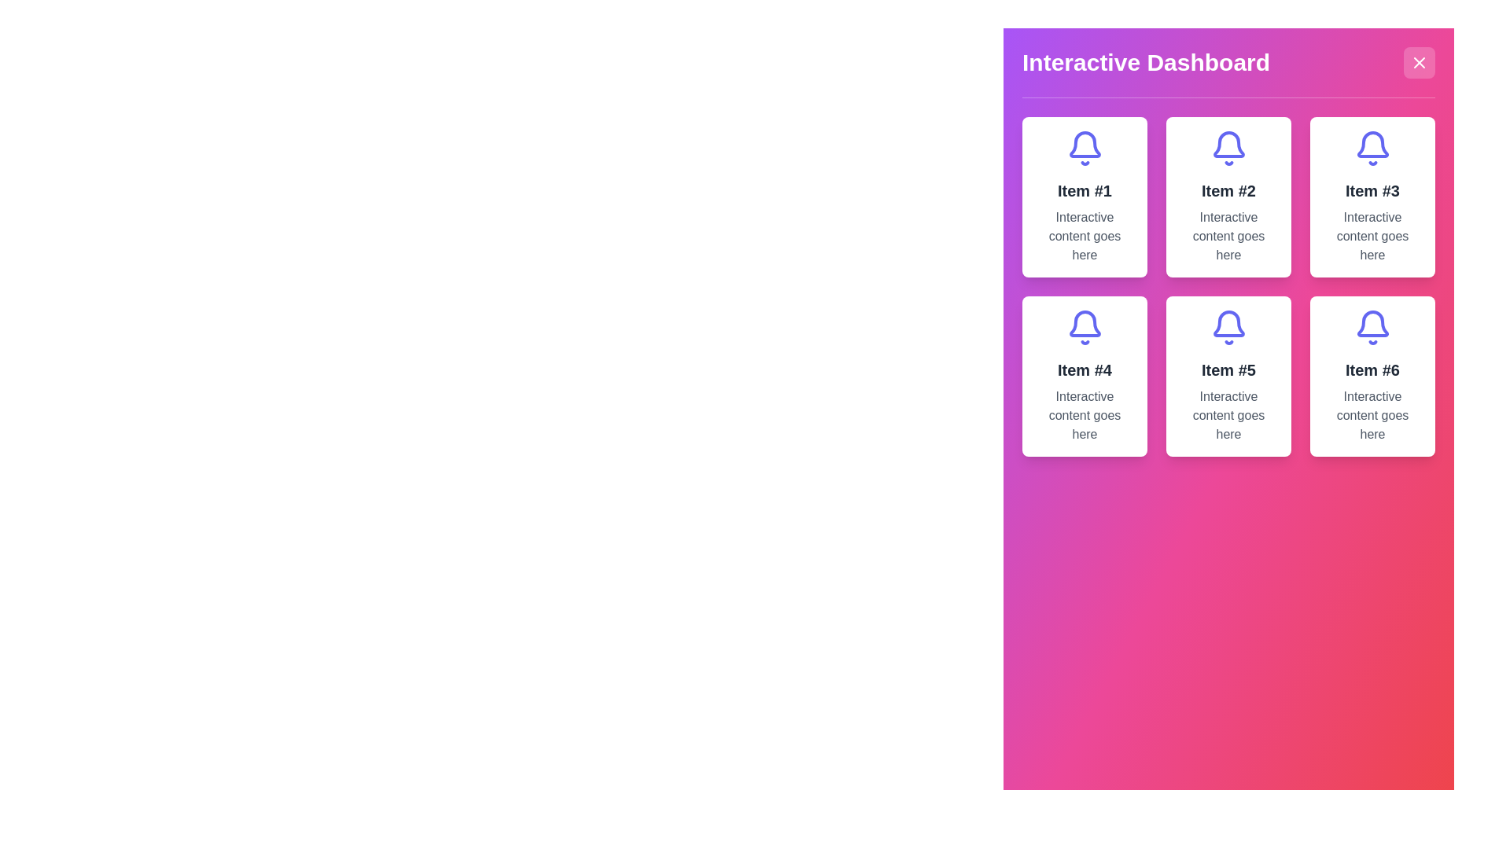 This screenshot has height=849, width=1510. I want to click on the second text label in the 'Interactive Dashboard' that serves as a title for its respective card, centrally aligned in the top row, so click(1228, 190).